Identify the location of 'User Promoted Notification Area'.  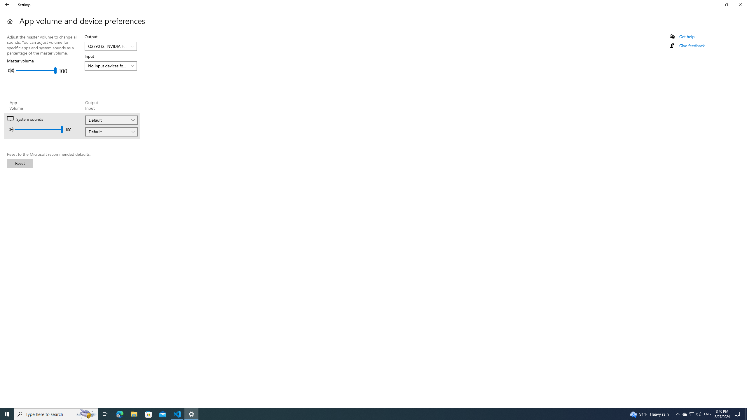
(691, 414).